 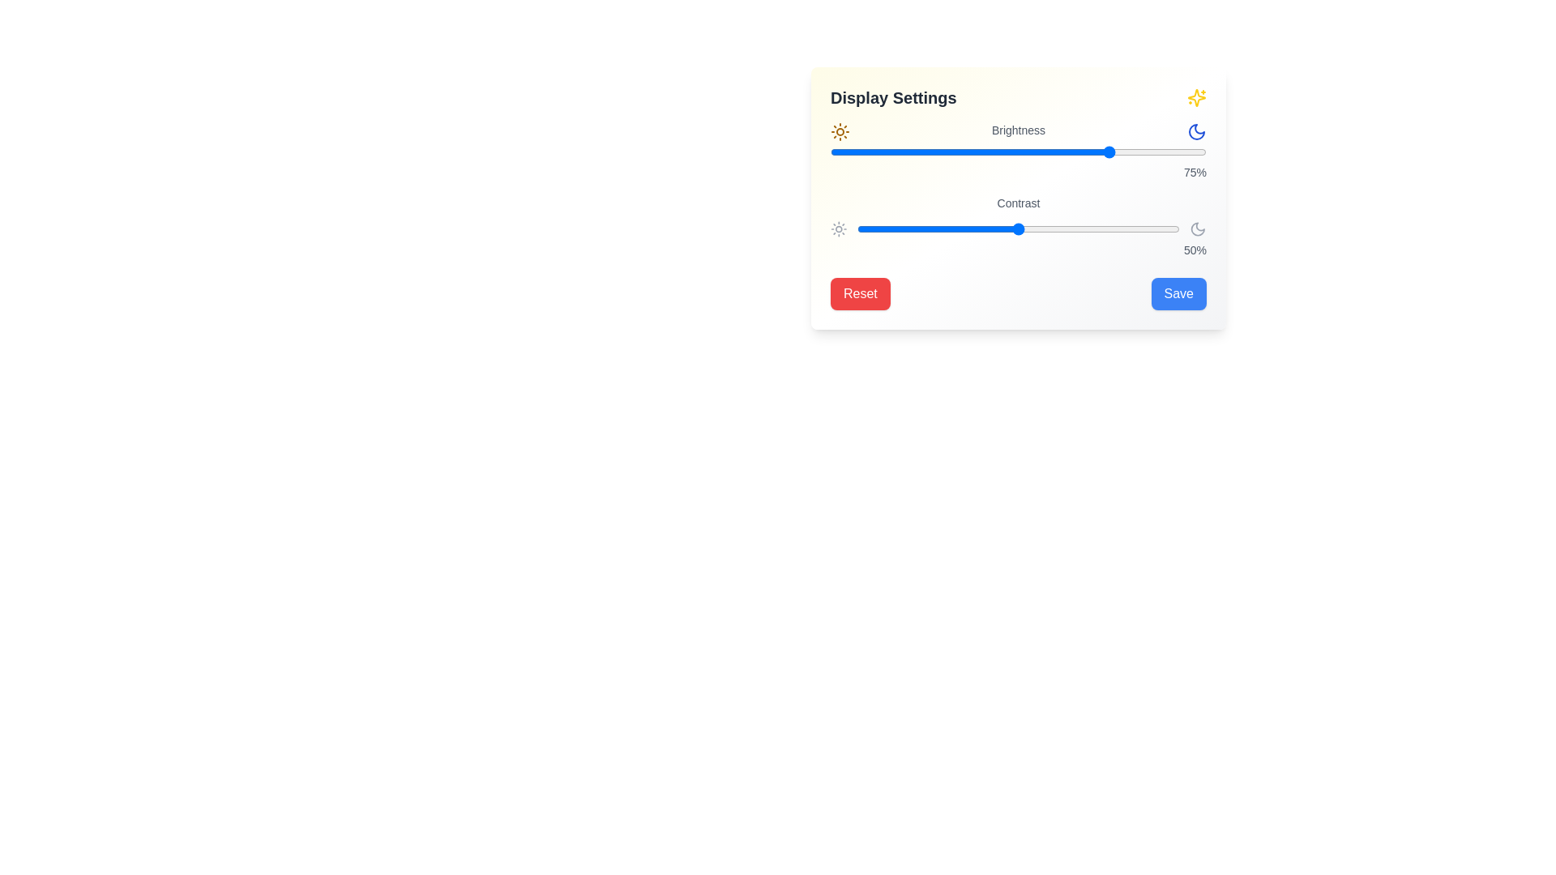 What do you see at coordinates (1082, 152) in the screenshot?
I see `brightness` at bounding box center [1082, 152].